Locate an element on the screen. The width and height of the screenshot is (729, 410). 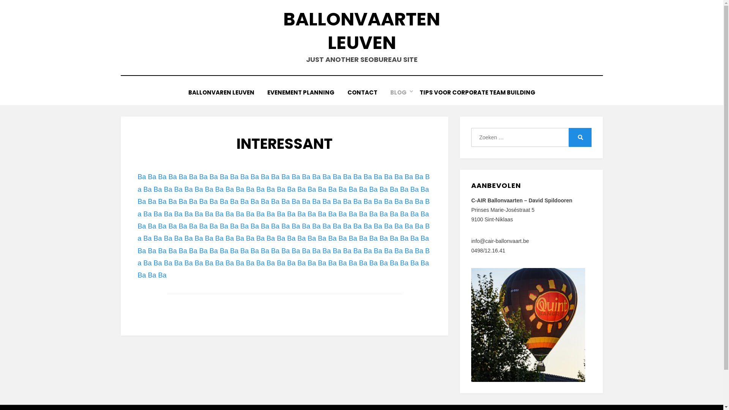
'EVENEMENT PLANNING' is located at coordinates (300, 92).